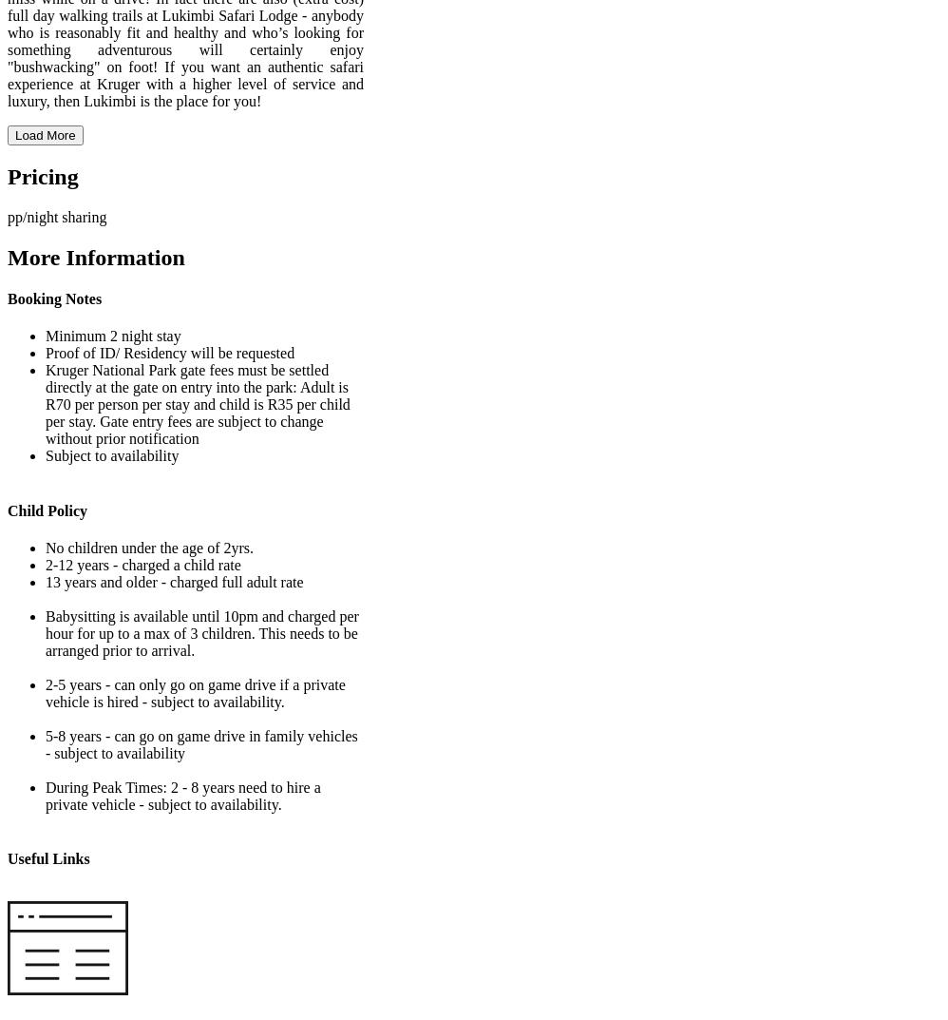 The height and width of the screenshot is (1020, 948). What do you see at coordinates (173, 580) in the screenshot?
I see `'13 years and older - charged full adult rate'` at bounding box center [173, 580].